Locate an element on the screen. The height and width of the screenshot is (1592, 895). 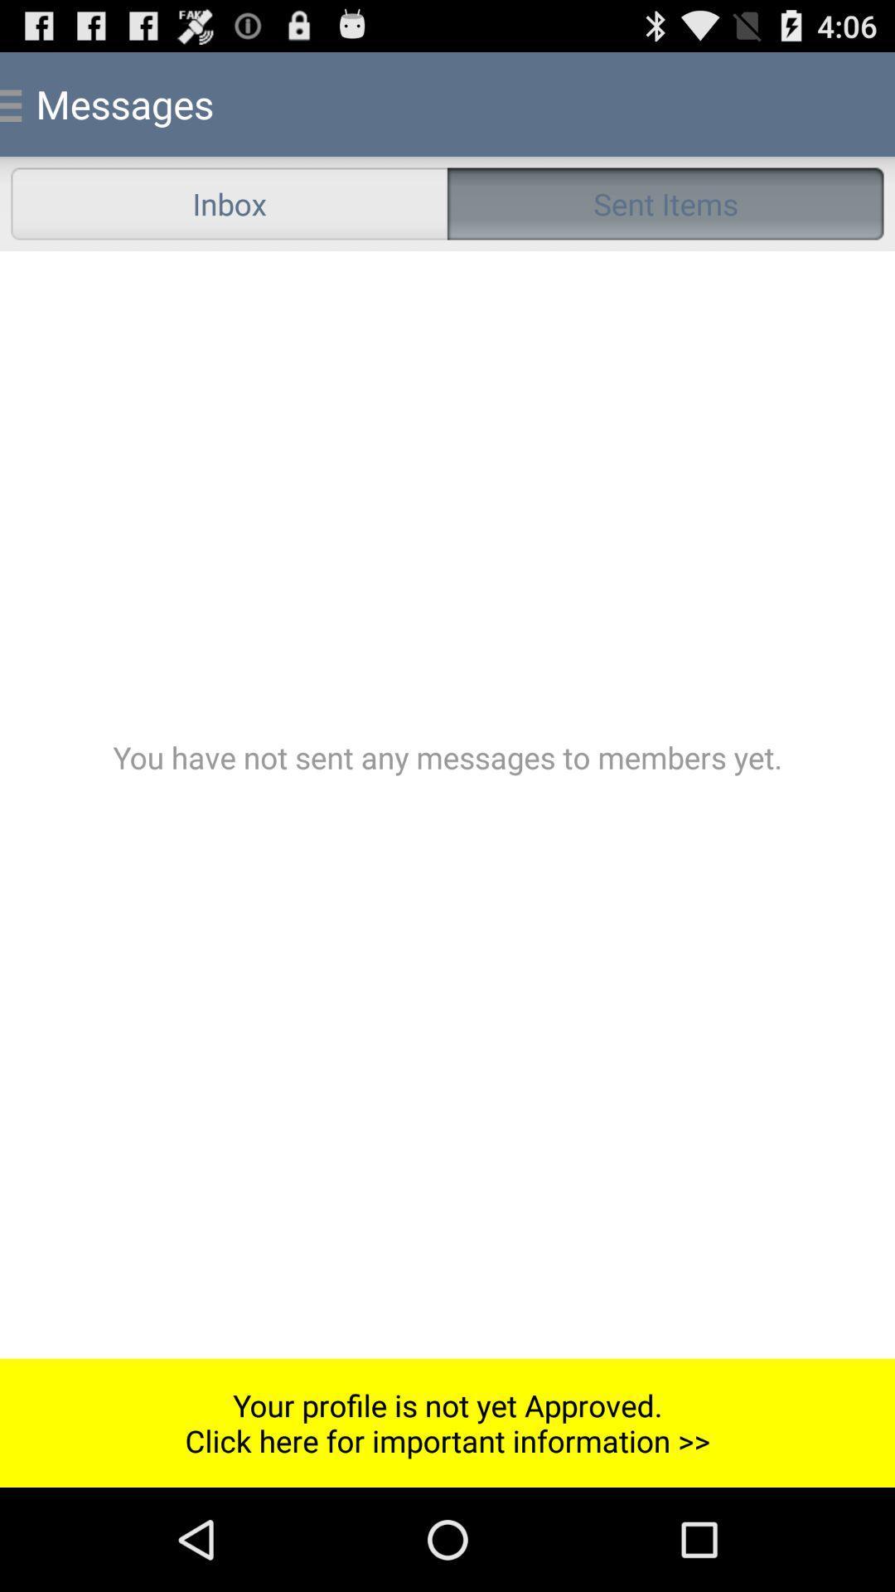
the icon below the messages is located at coordinates (229, 202).